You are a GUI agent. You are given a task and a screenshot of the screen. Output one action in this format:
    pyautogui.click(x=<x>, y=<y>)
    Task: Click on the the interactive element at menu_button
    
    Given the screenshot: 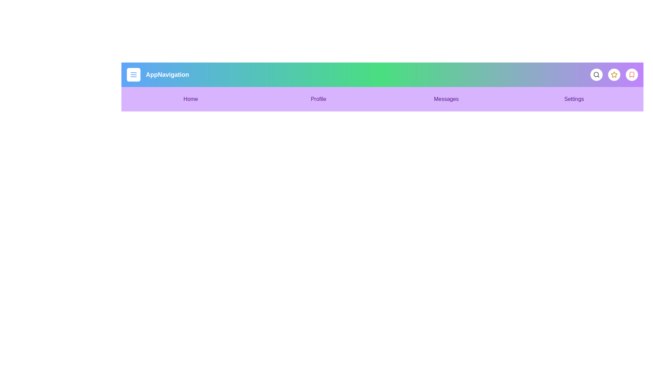 What is the action you would take?
    pyautogui.click(x=134, y=74)
    